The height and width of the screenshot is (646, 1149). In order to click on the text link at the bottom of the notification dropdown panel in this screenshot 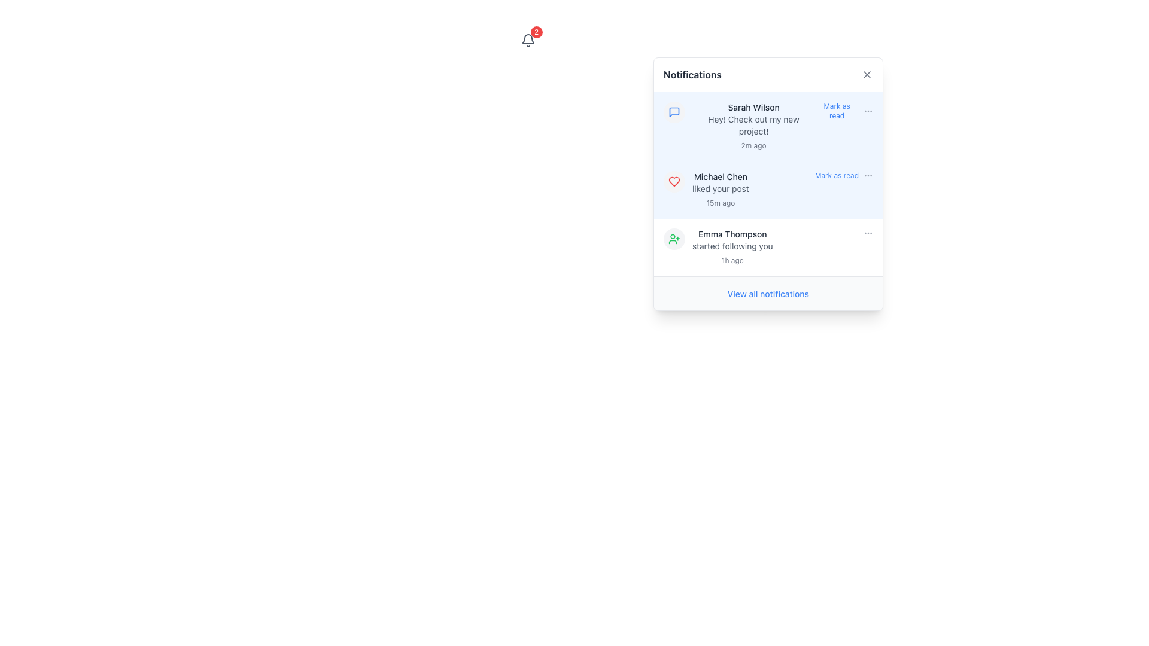, I will do `click(768, 293)`.